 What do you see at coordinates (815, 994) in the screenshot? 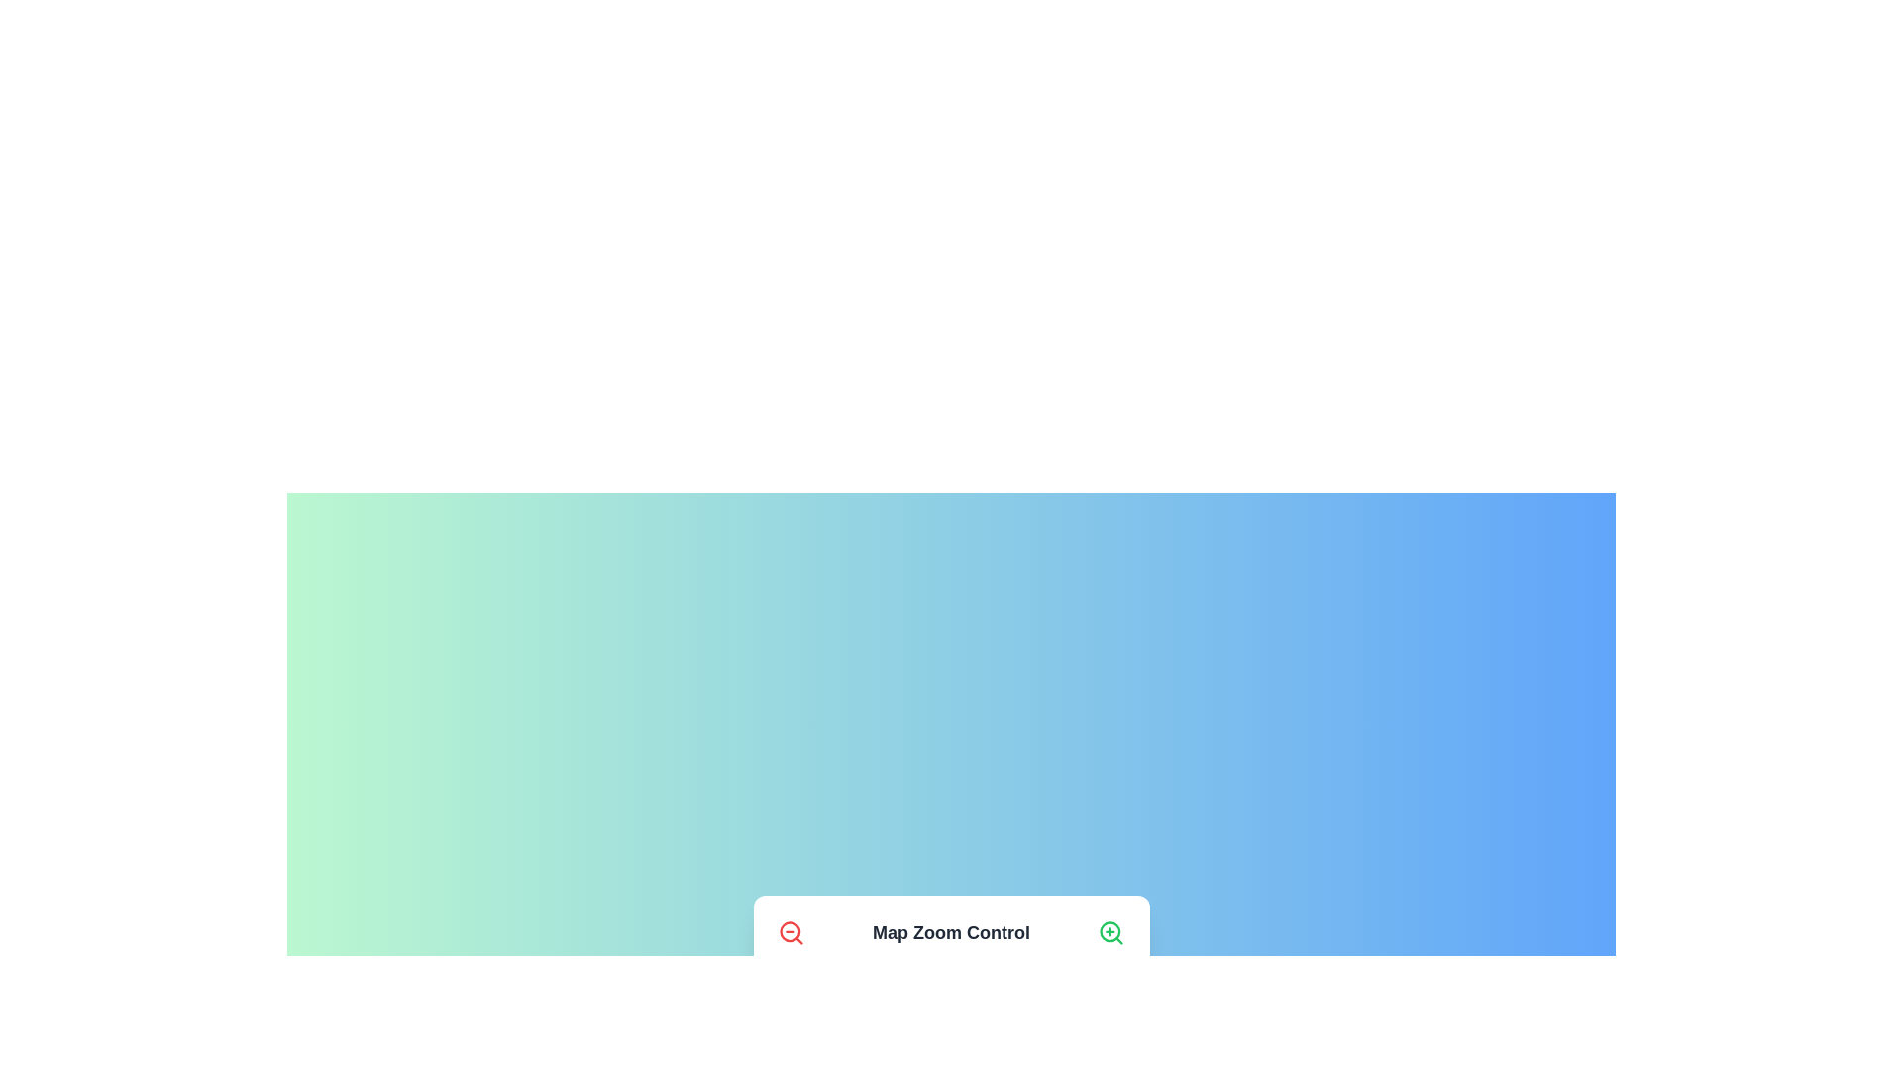
I see `the zoom level to 2 to observe the effect on the map pin representation` at bounding box center [815, 994].